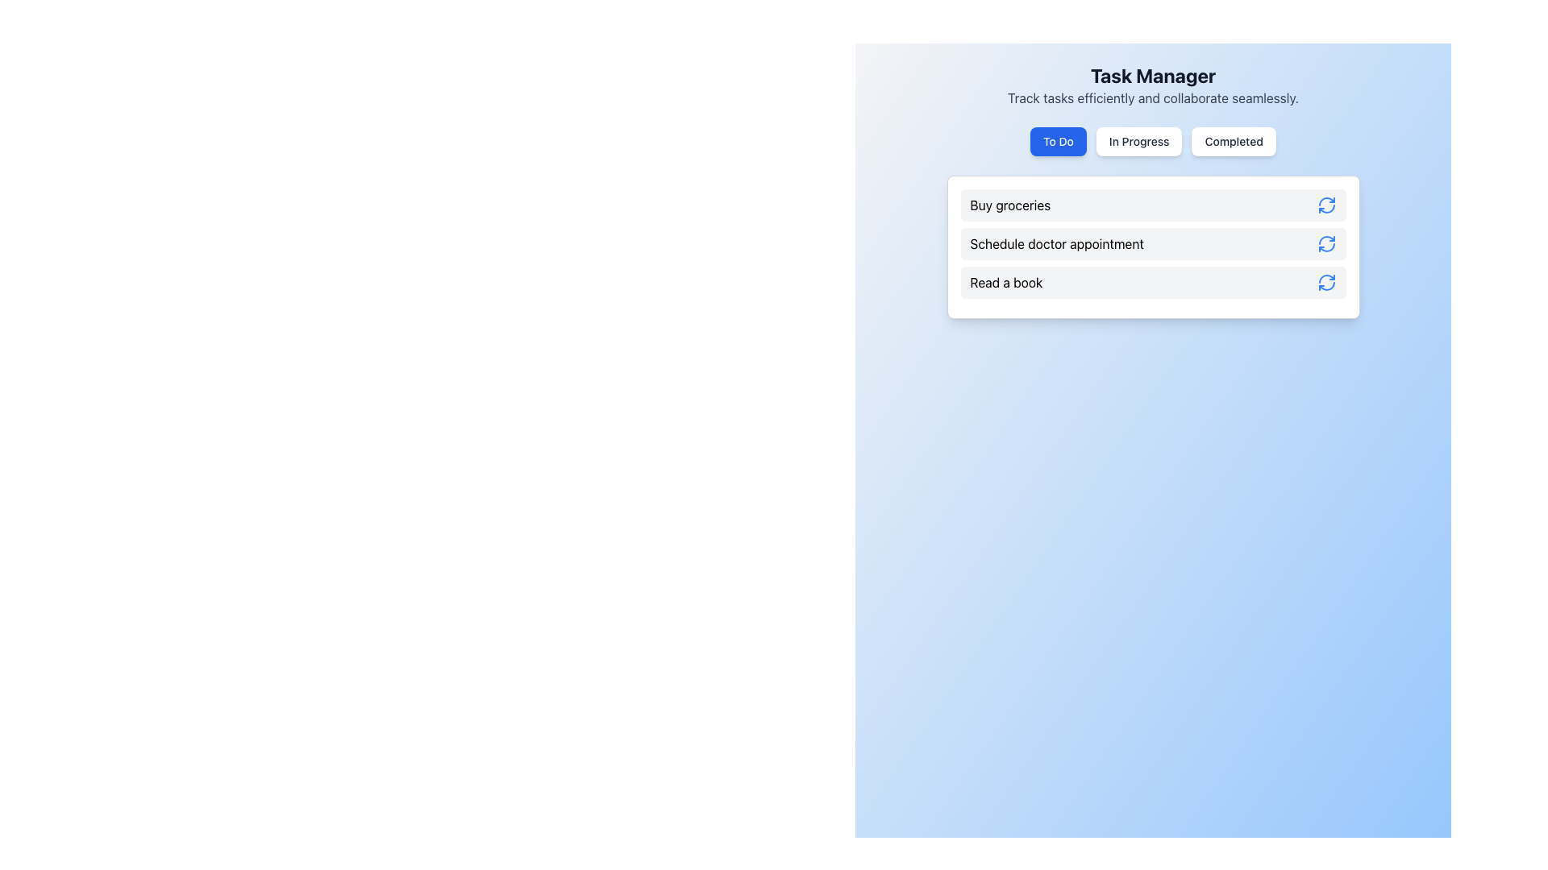 The image size is (1548, 870). I want to click on the refresh button in the top-right section of the 'Schedule doctor appointment' task to possibly reveal a tooltip, so click(1326, 244).